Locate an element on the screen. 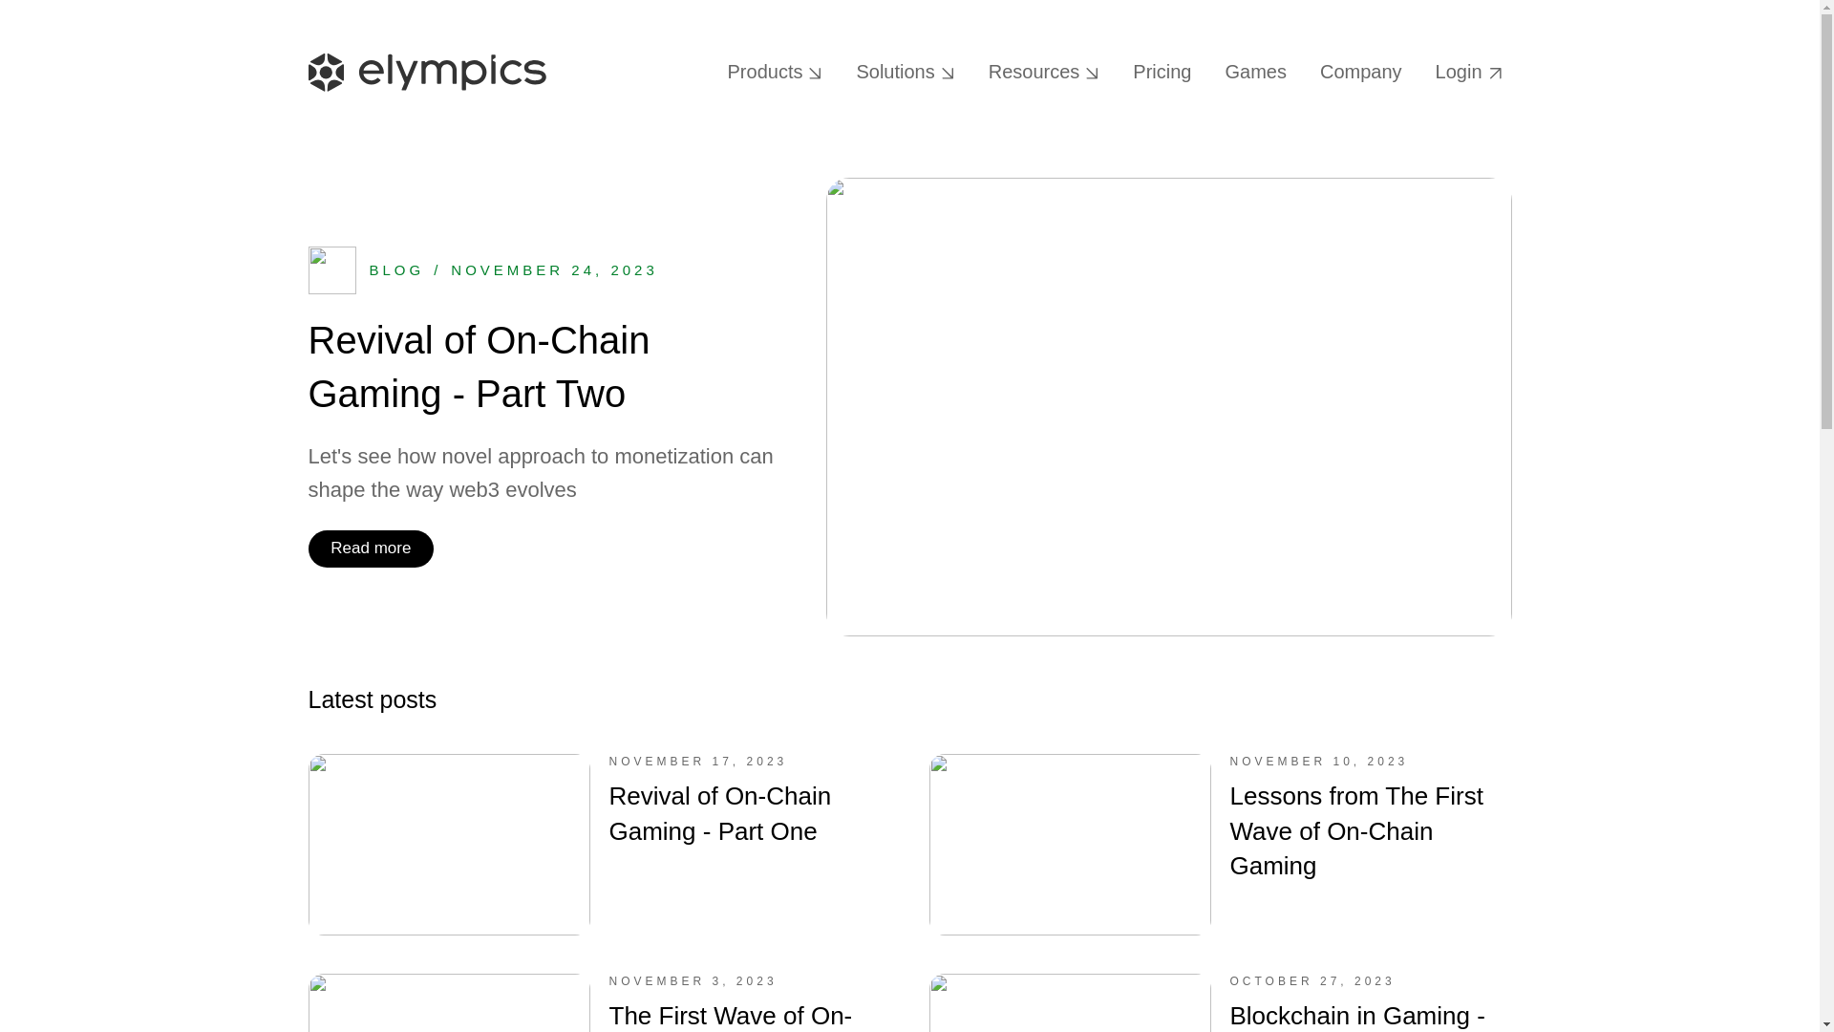  'Solutions' is located at coordinates (845, 71).